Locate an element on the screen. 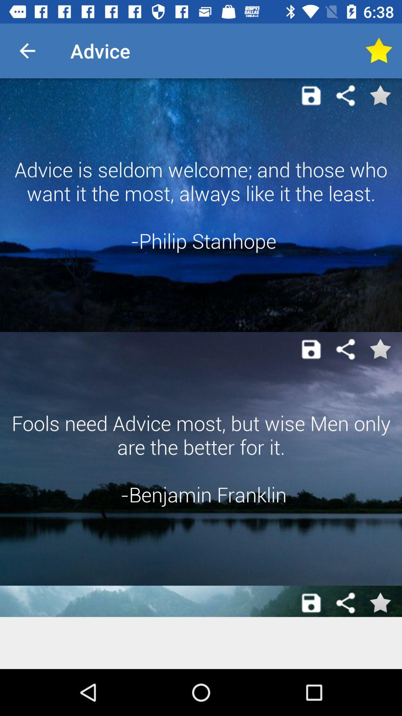 This screenshot has height=716, width=402. advice is seldom is located at coordinates (201, 205).